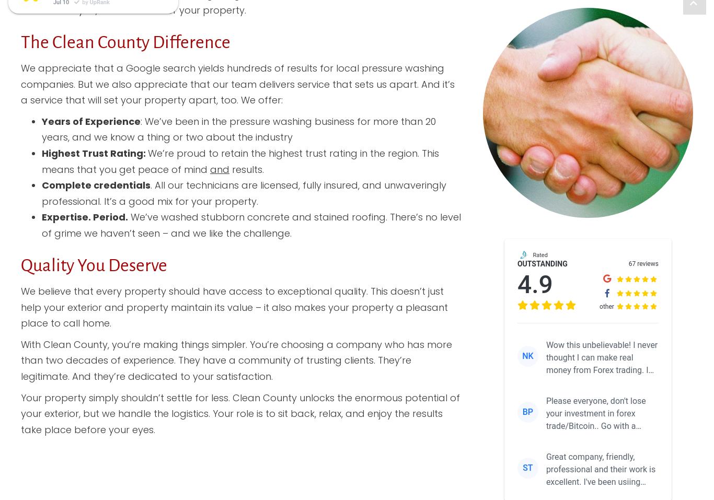  Describe the element at coordinates (240, 412) in the screenshot. I see `'Your property simply shouldn’t settle for less. Clean County unlocks the enormous potential of your exterior, but we handle the logistics. Your role is to sit back, relax, and enjoy the results take place before your eyes.'` at that location.